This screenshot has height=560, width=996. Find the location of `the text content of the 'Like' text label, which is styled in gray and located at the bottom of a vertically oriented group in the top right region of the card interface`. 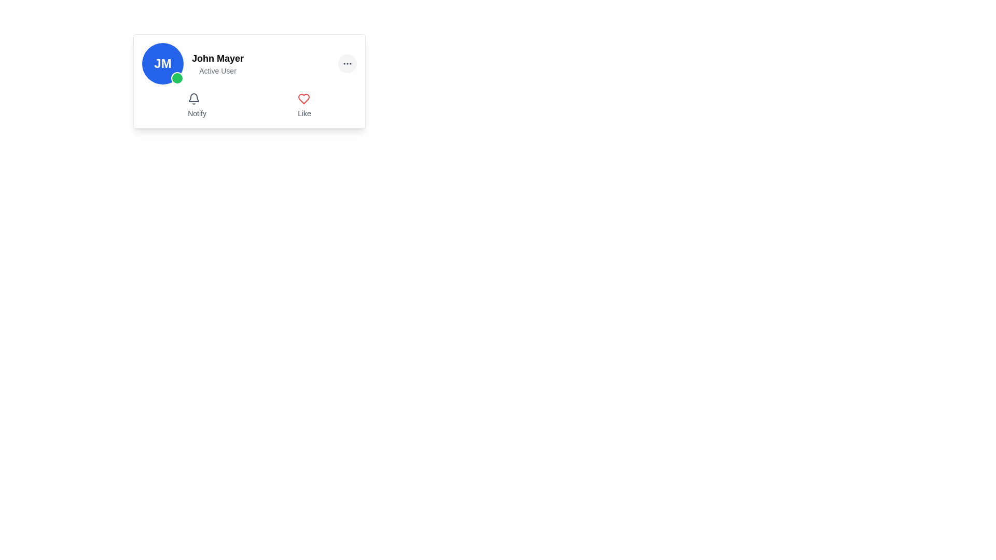

the text content of the 'Like' text label, which is styled in gray and located at the bottom of a vertically oriented group in the top right region of the card interface is located at coordinates (303, 114).